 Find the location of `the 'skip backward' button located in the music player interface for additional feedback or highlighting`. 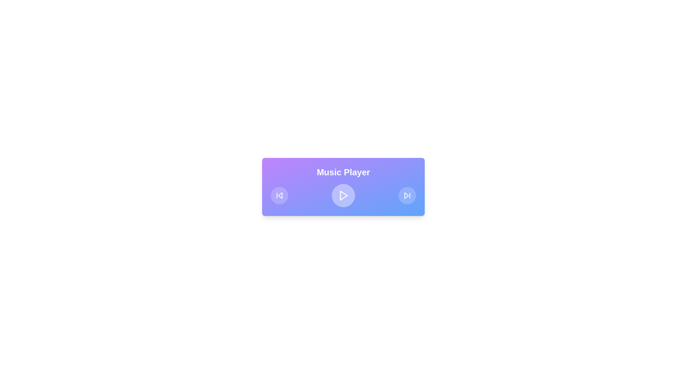

the 'skip backward' button located in the music player interface for additional feedback or highlighting is located at coordinates (279, 195).